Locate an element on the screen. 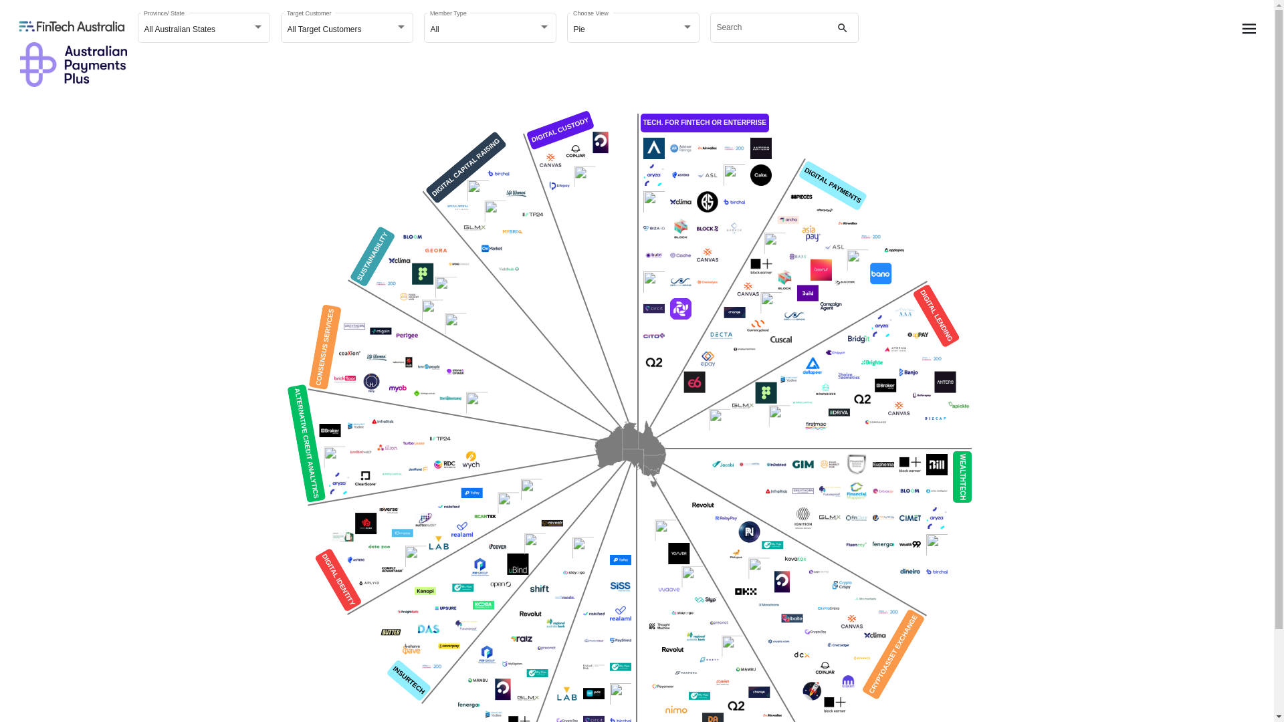 This screenshot has width=1284, height=722. 'Revolut Payments Australia Pty Ltd' is located at coordinates (529, 614).